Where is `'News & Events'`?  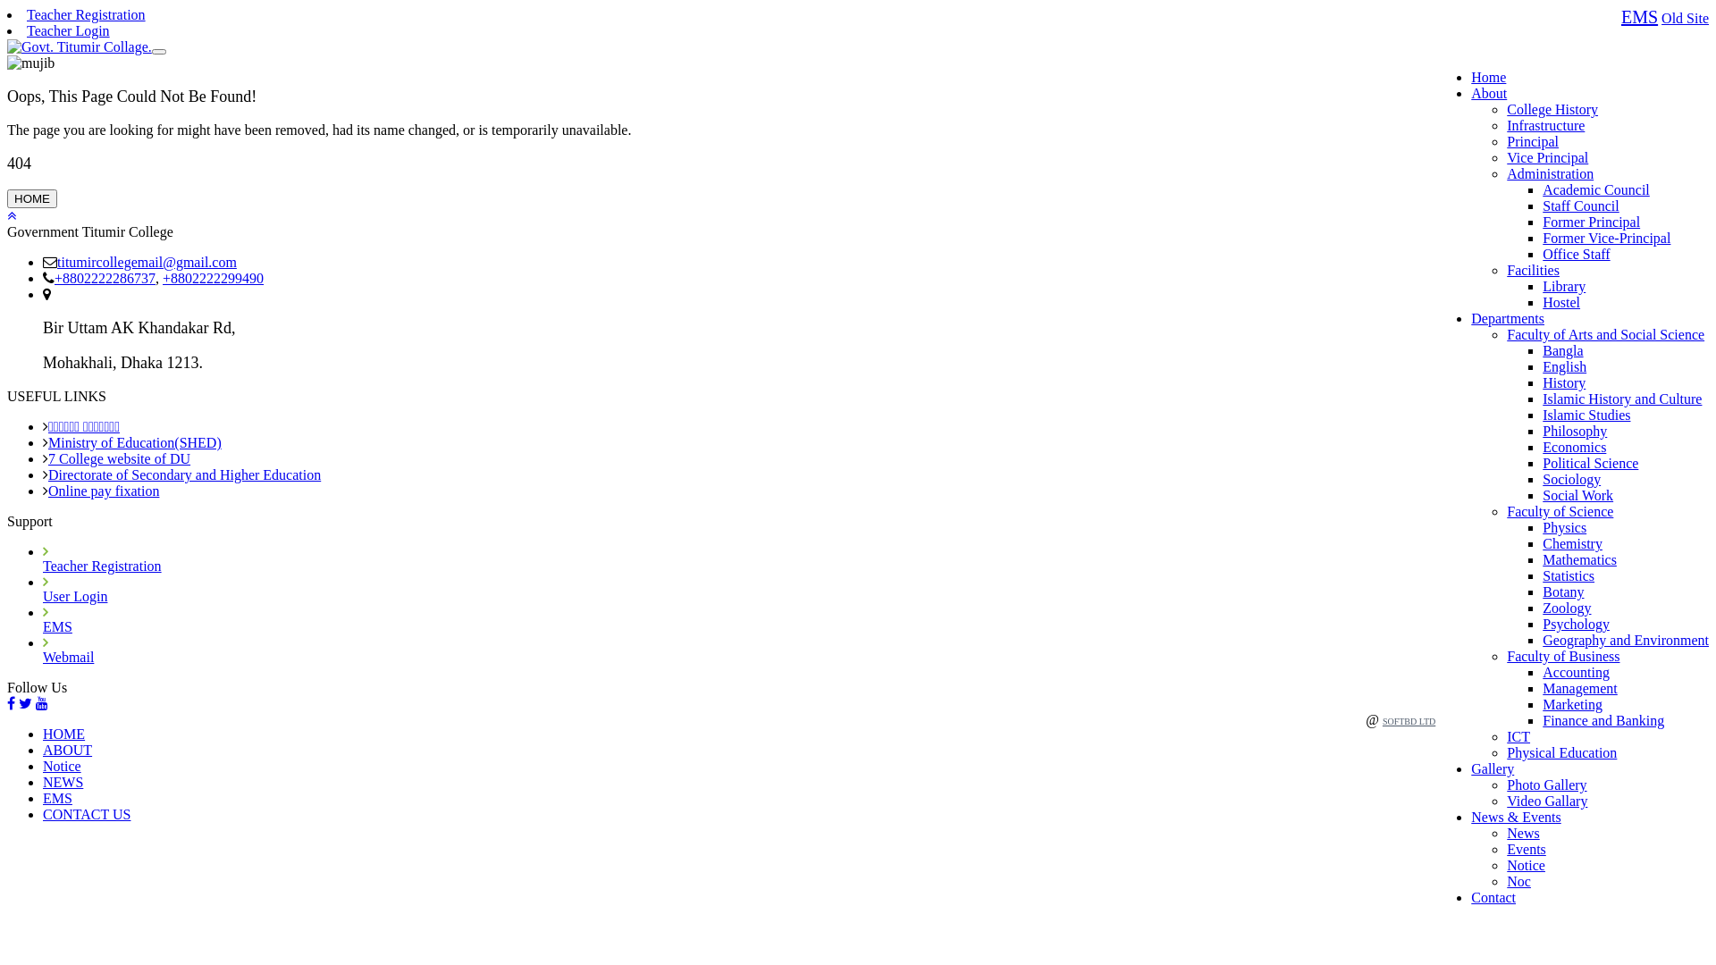
'News & Events' is located at coordinates (1471, 817).